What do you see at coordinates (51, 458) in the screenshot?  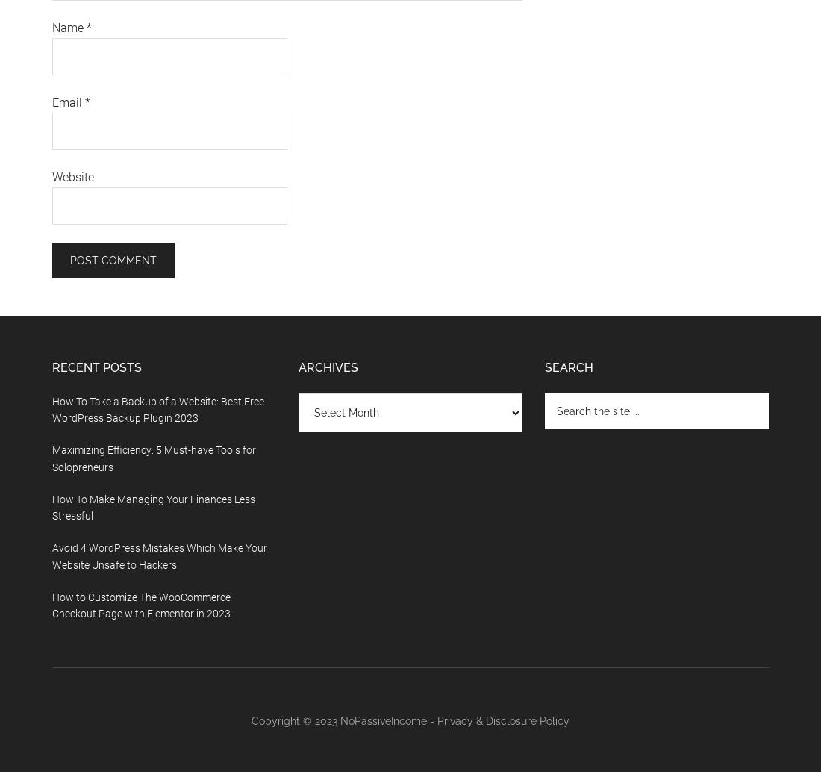 I see `'Maximizing Efficiency: 5 Must-have Tools for Solopreneurs'` at bounding box center [51, 458].